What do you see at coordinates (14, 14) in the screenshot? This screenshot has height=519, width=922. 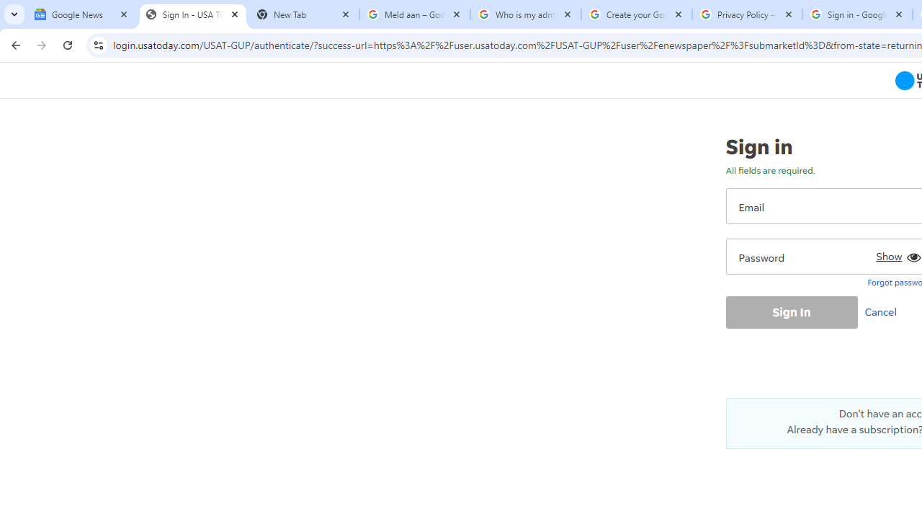 I see `'Search tabs'` at bounding box center [14, 14].